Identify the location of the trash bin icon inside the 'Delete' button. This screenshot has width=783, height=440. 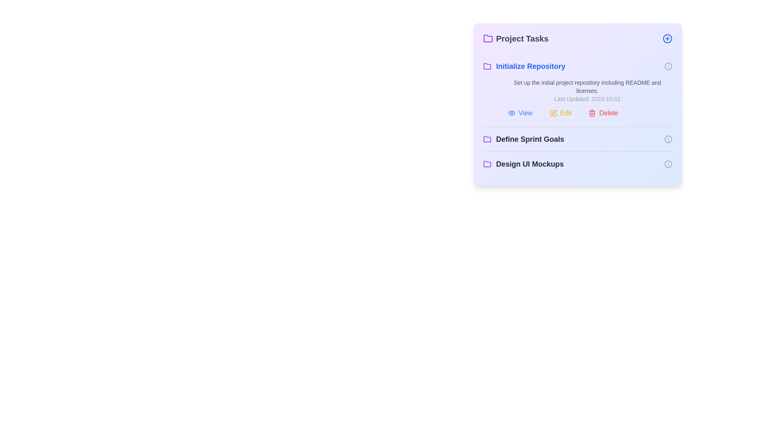
(592, 113).